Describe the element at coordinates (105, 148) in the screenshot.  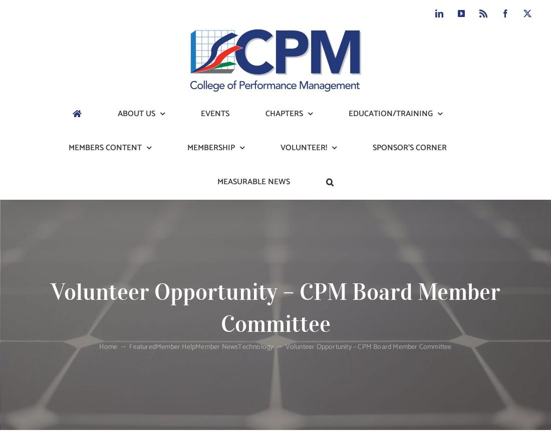
I see `'MEMBERS CONTENT'` at that location.